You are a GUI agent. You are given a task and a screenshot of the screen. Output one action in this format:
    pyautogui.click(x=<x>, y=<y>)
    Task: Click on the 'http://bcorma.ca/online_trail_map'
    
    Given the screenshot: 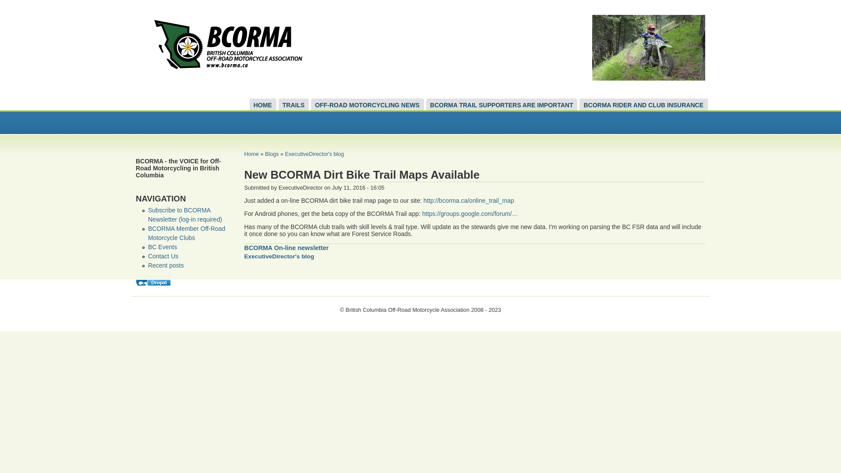 What is the action you would take?
    pyautogui.click(x=468, y=201)
    